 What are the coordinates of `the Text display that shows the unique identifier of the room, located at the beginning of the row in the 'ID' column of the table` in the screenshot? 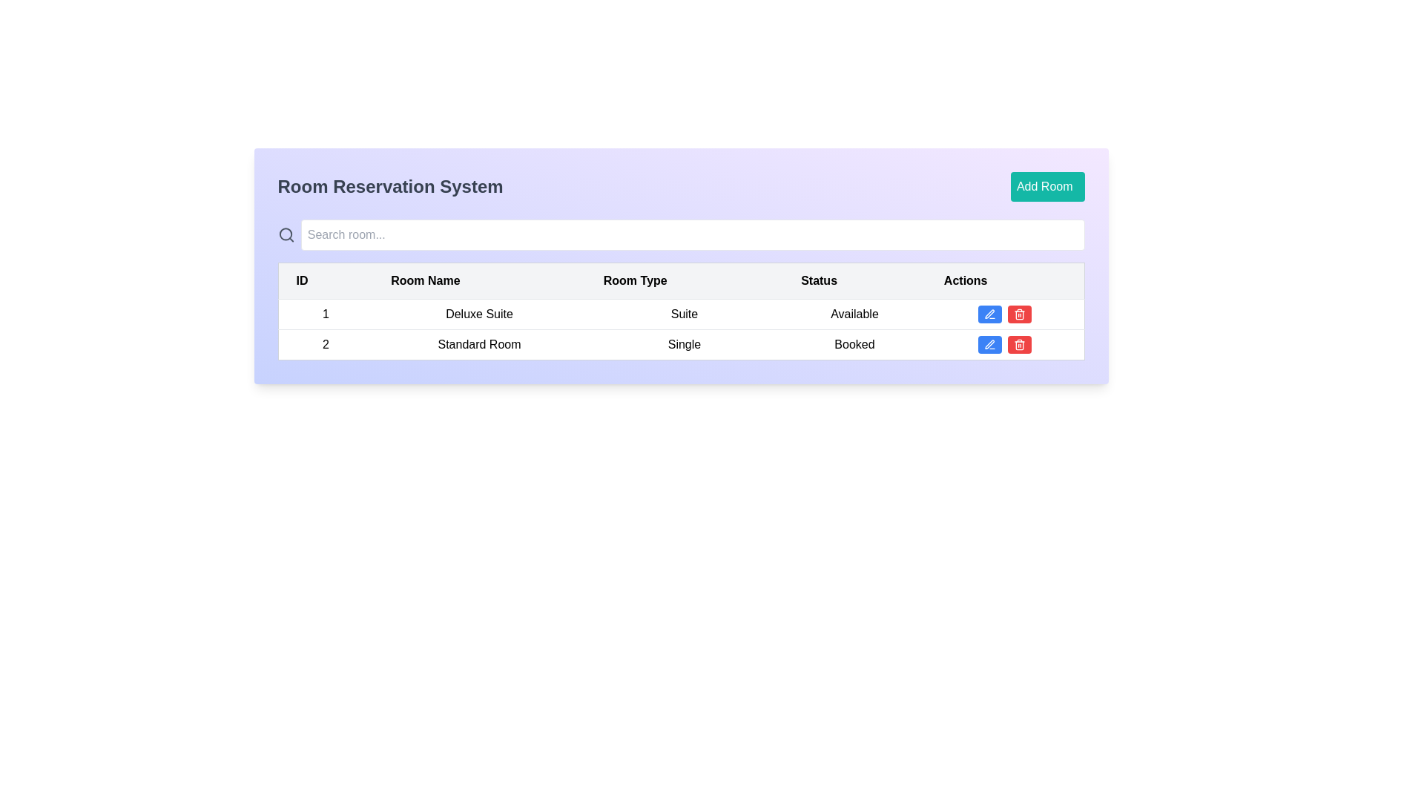 It's located at (325, 314).